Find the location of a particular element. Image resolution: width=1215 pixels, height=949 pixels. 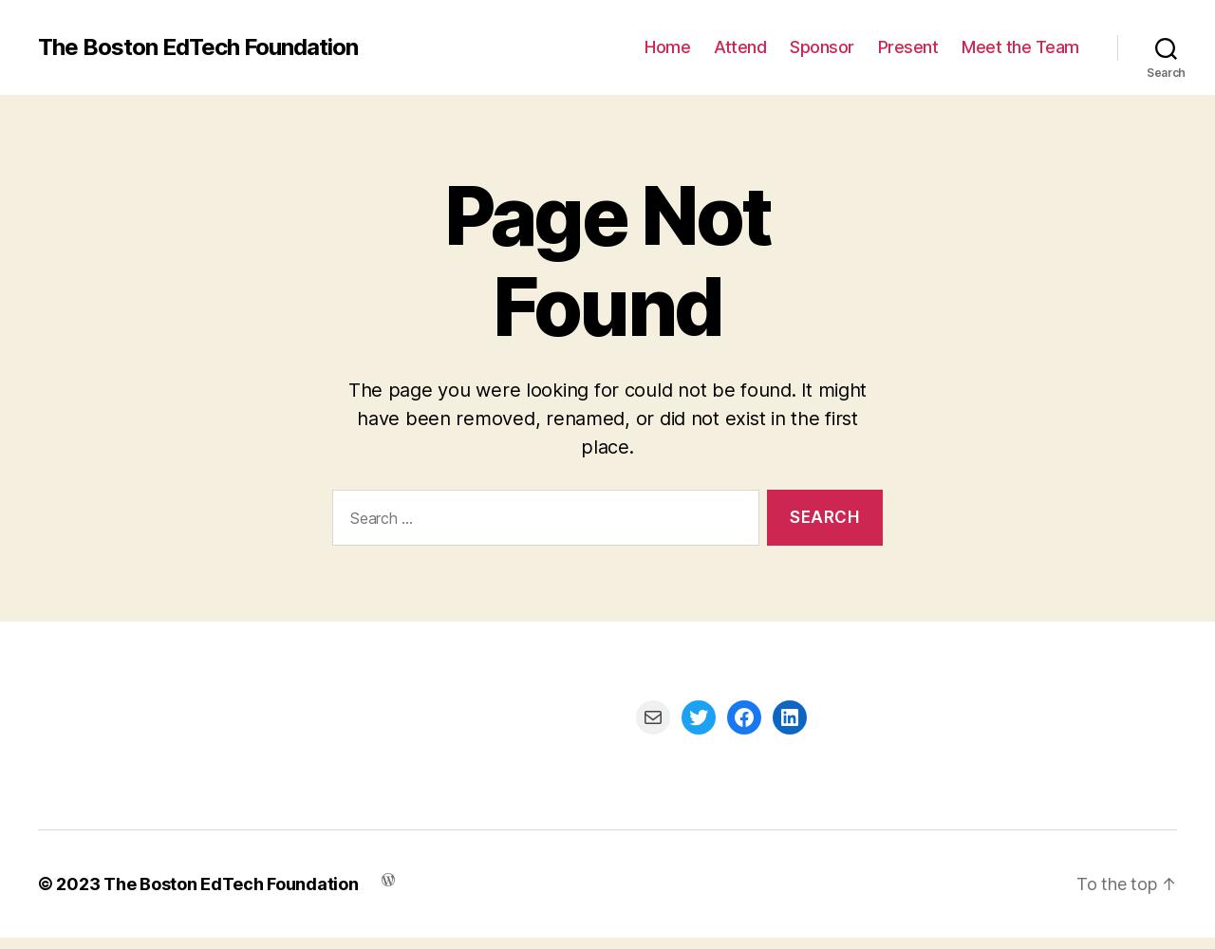

'Search' is located at coordinates (1165, 71).